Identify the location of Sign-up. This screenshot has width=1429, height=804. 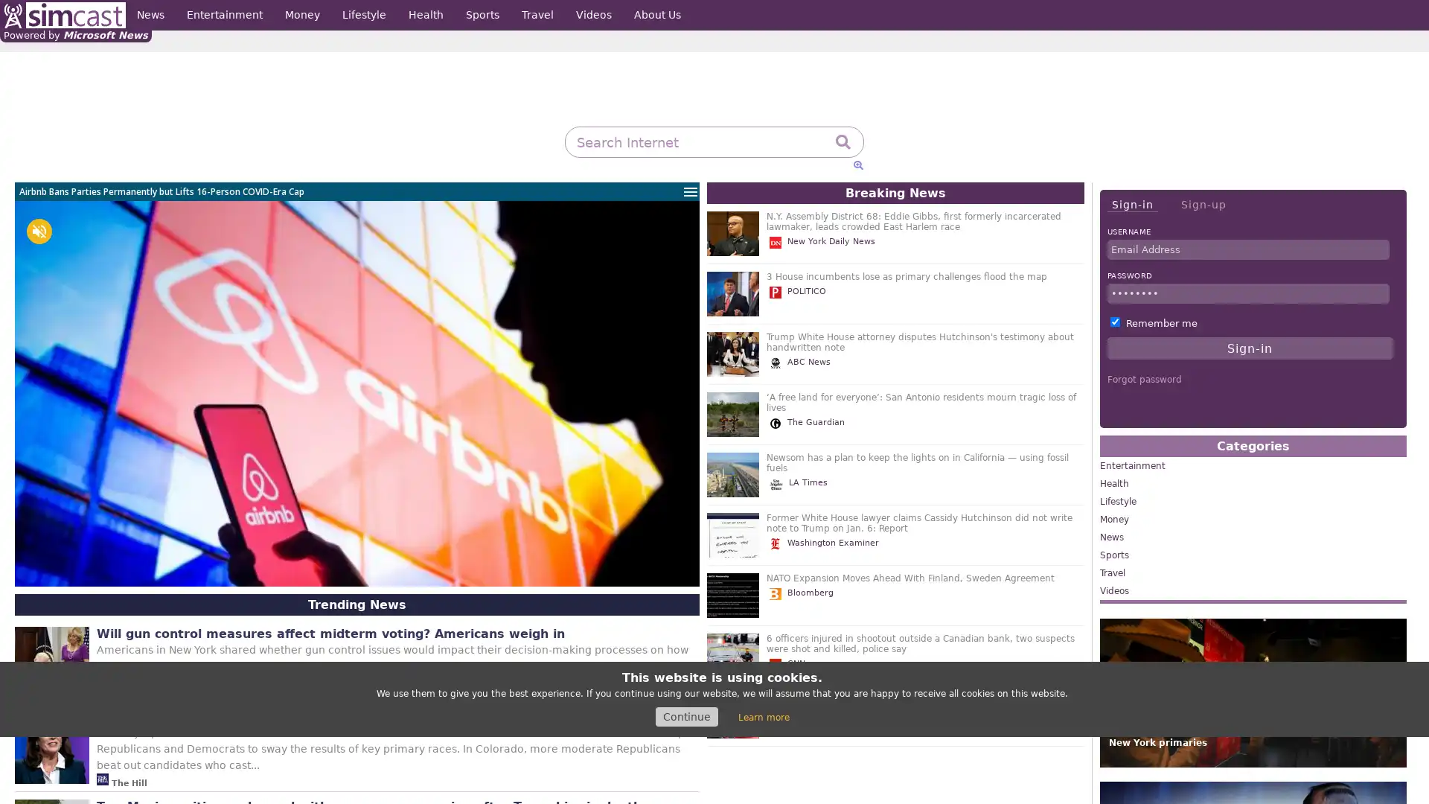
(1203, 204).